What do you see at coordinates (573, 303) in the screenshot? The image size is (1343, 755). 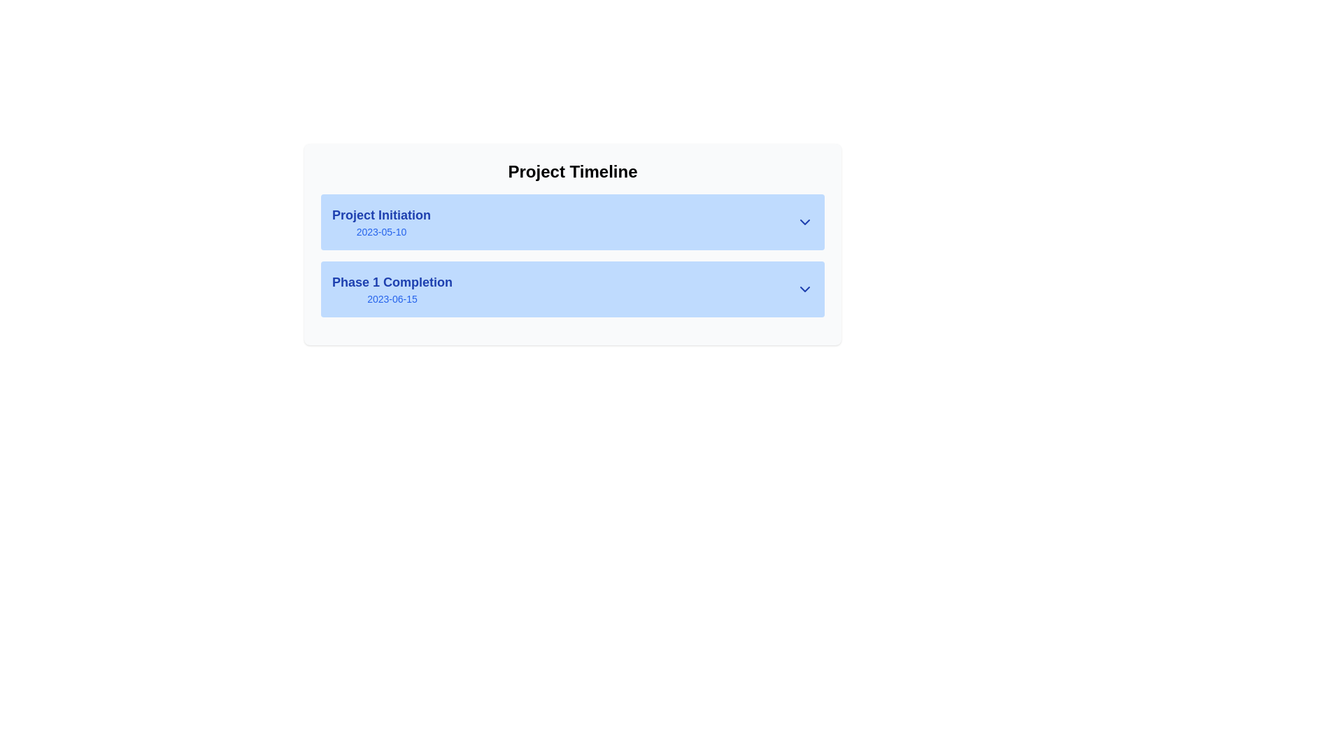 I see `the second entry in the project timeline, which summarizes 'Phase 1 Completion' and its date '2023-06-15'` at bounding box center [573, 303].